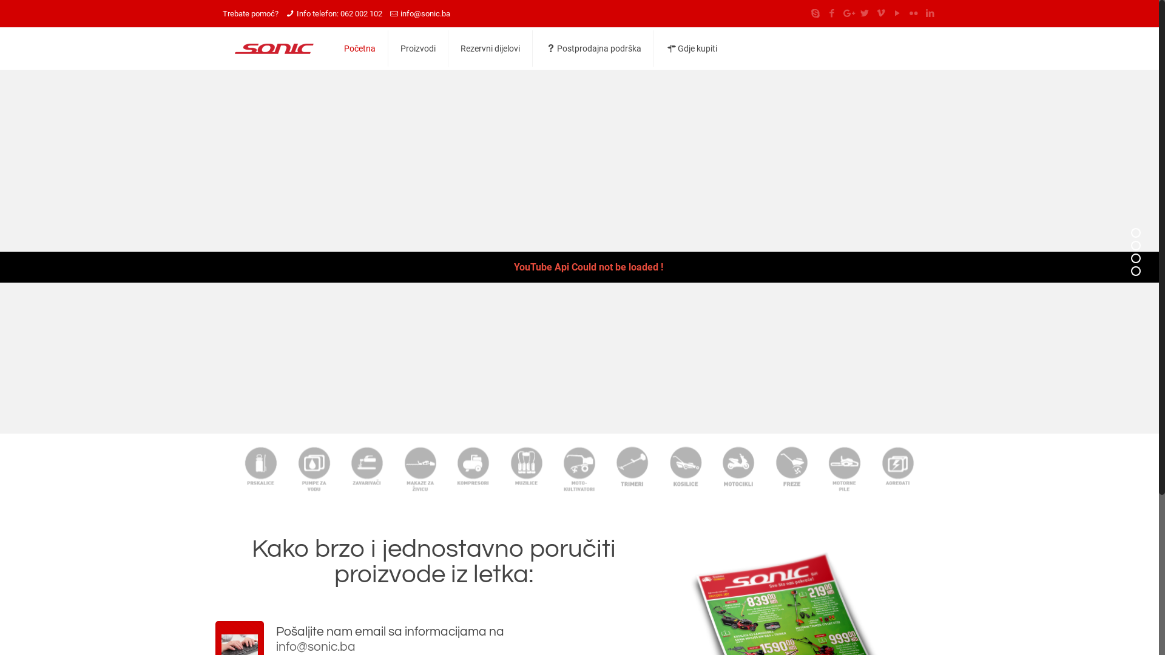 Image resolution: width=1165 pixels, height=655 pixels. I want to click on 'Trimeri', so click(632, 468).